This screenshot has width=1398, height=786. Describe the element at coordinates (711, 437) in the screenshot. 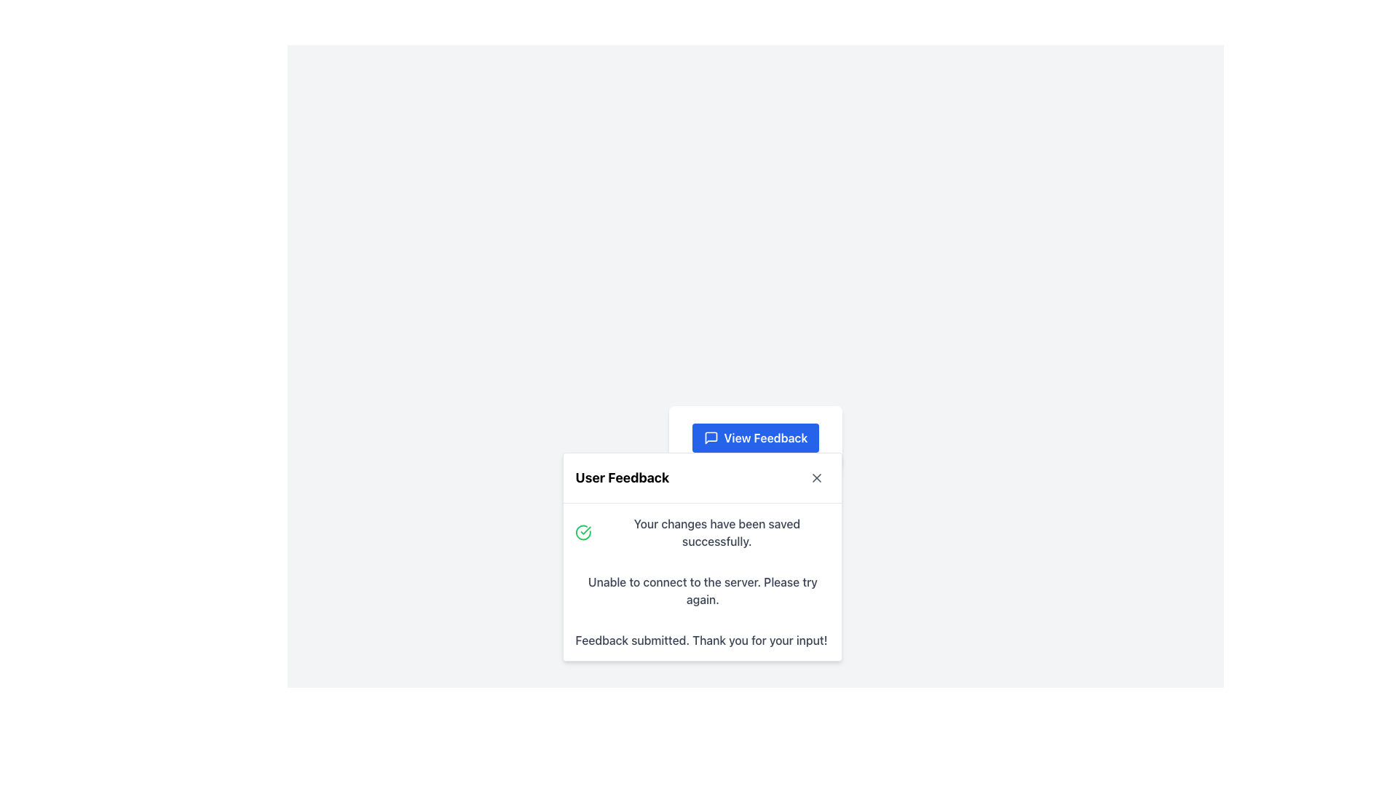

I see `the speech bubble icon with a blue background and white outline, located to the left of the 'View Feedback' button in the feedback dialog box` at that location.